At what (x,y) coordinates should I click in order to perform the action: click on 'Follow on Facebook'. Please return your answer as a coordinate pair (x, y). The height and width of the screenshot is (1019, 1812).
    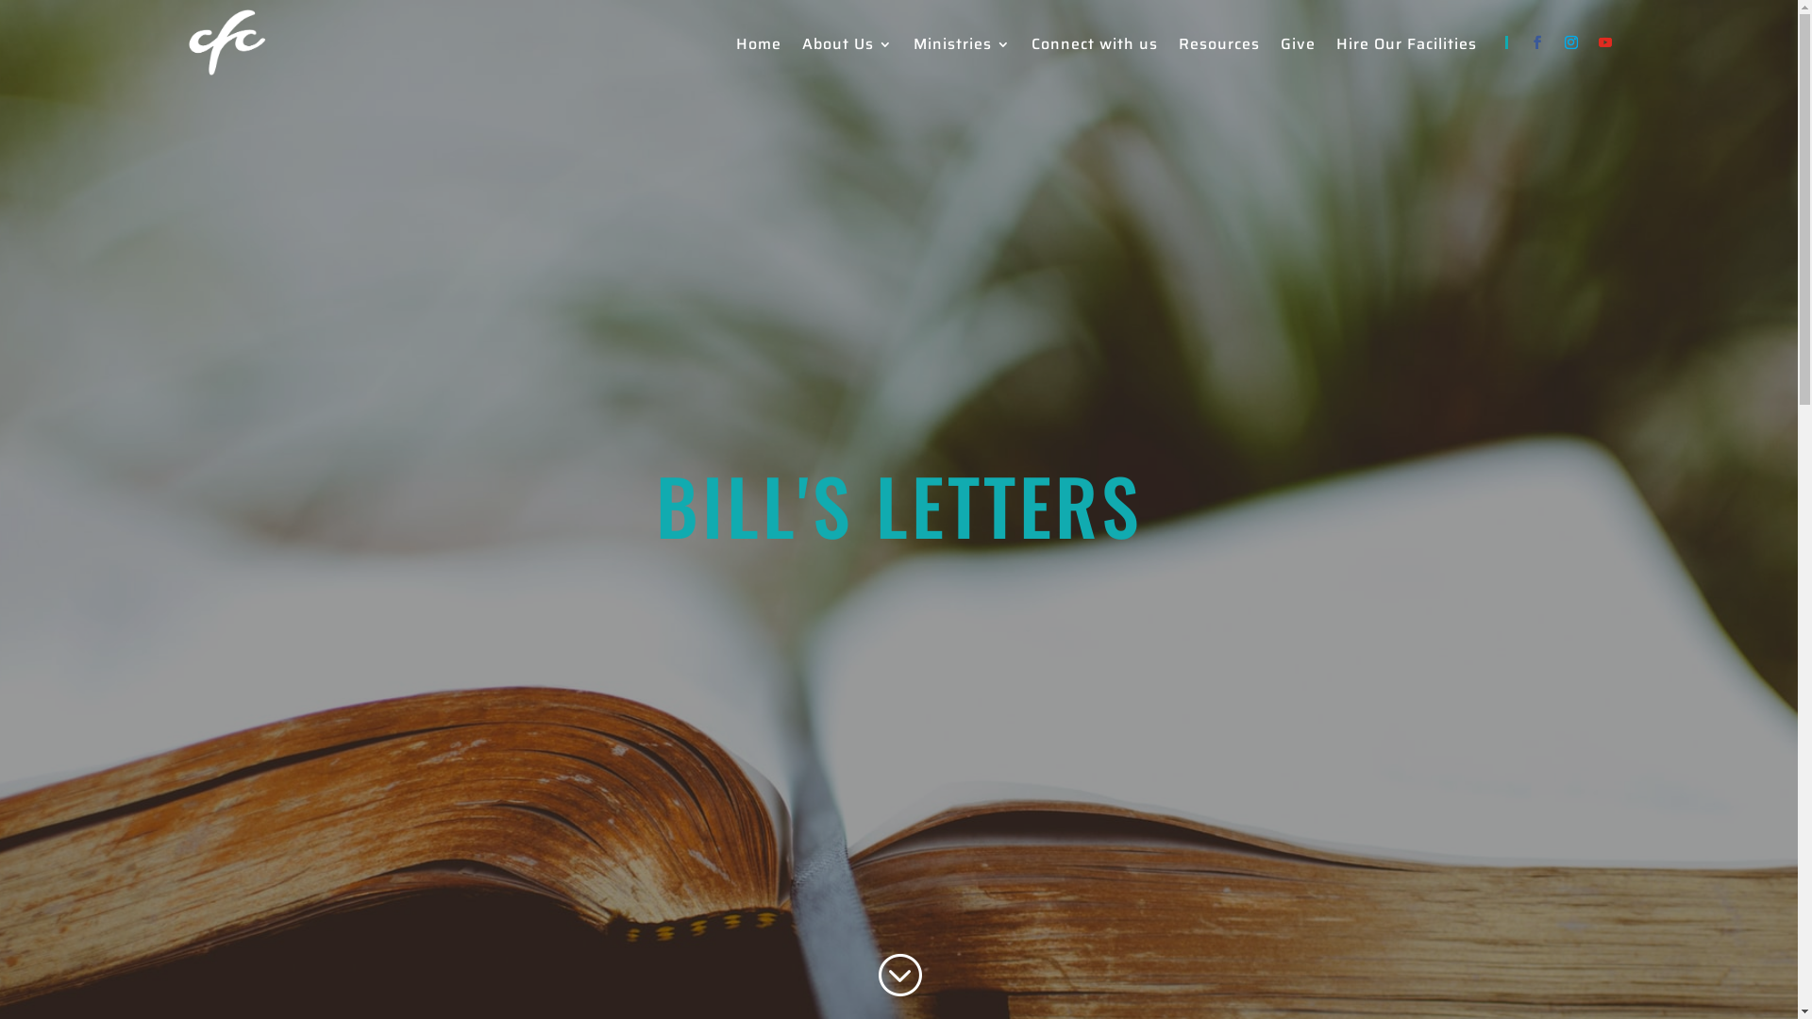
    Looking at the image, I should click on (1535, 42).